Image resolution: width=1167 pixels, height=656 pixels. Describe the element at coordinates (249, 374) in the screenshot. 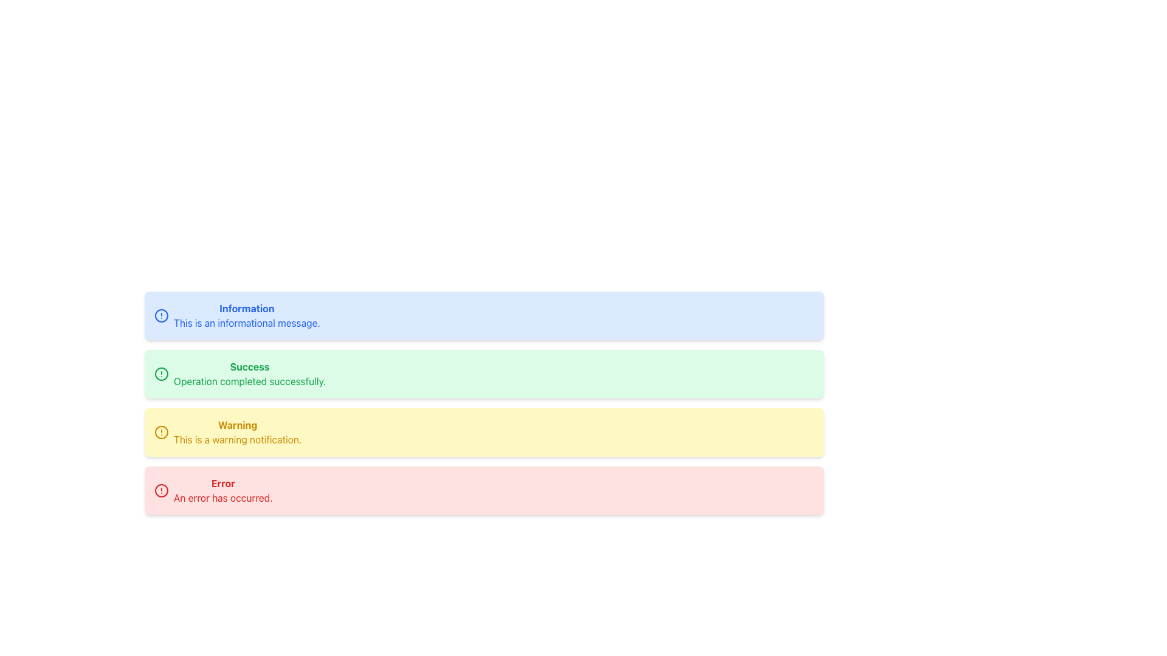

I see `the 'Success' notification text element, which consists of two lines: 'Success' in bold and 'Operation completed successfully.' in regular font, both in green within a green notification block` at that location.